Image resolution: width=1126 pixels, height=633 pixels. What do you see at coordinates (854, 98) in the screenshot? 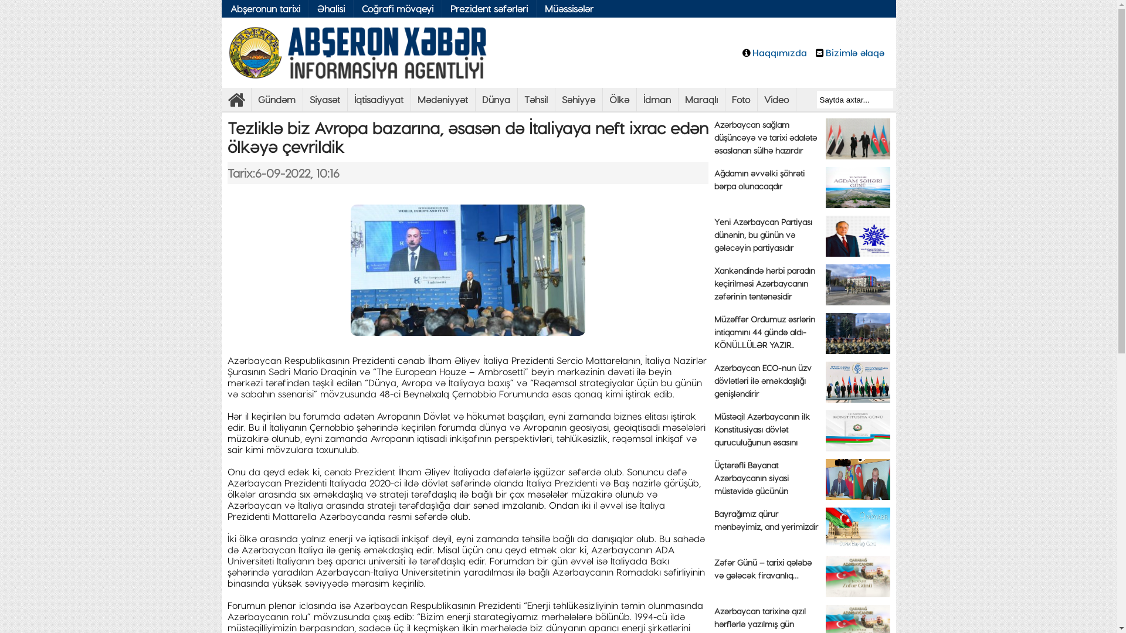
I see `'Saytda axtar...'` at bounding box center [854, 98].